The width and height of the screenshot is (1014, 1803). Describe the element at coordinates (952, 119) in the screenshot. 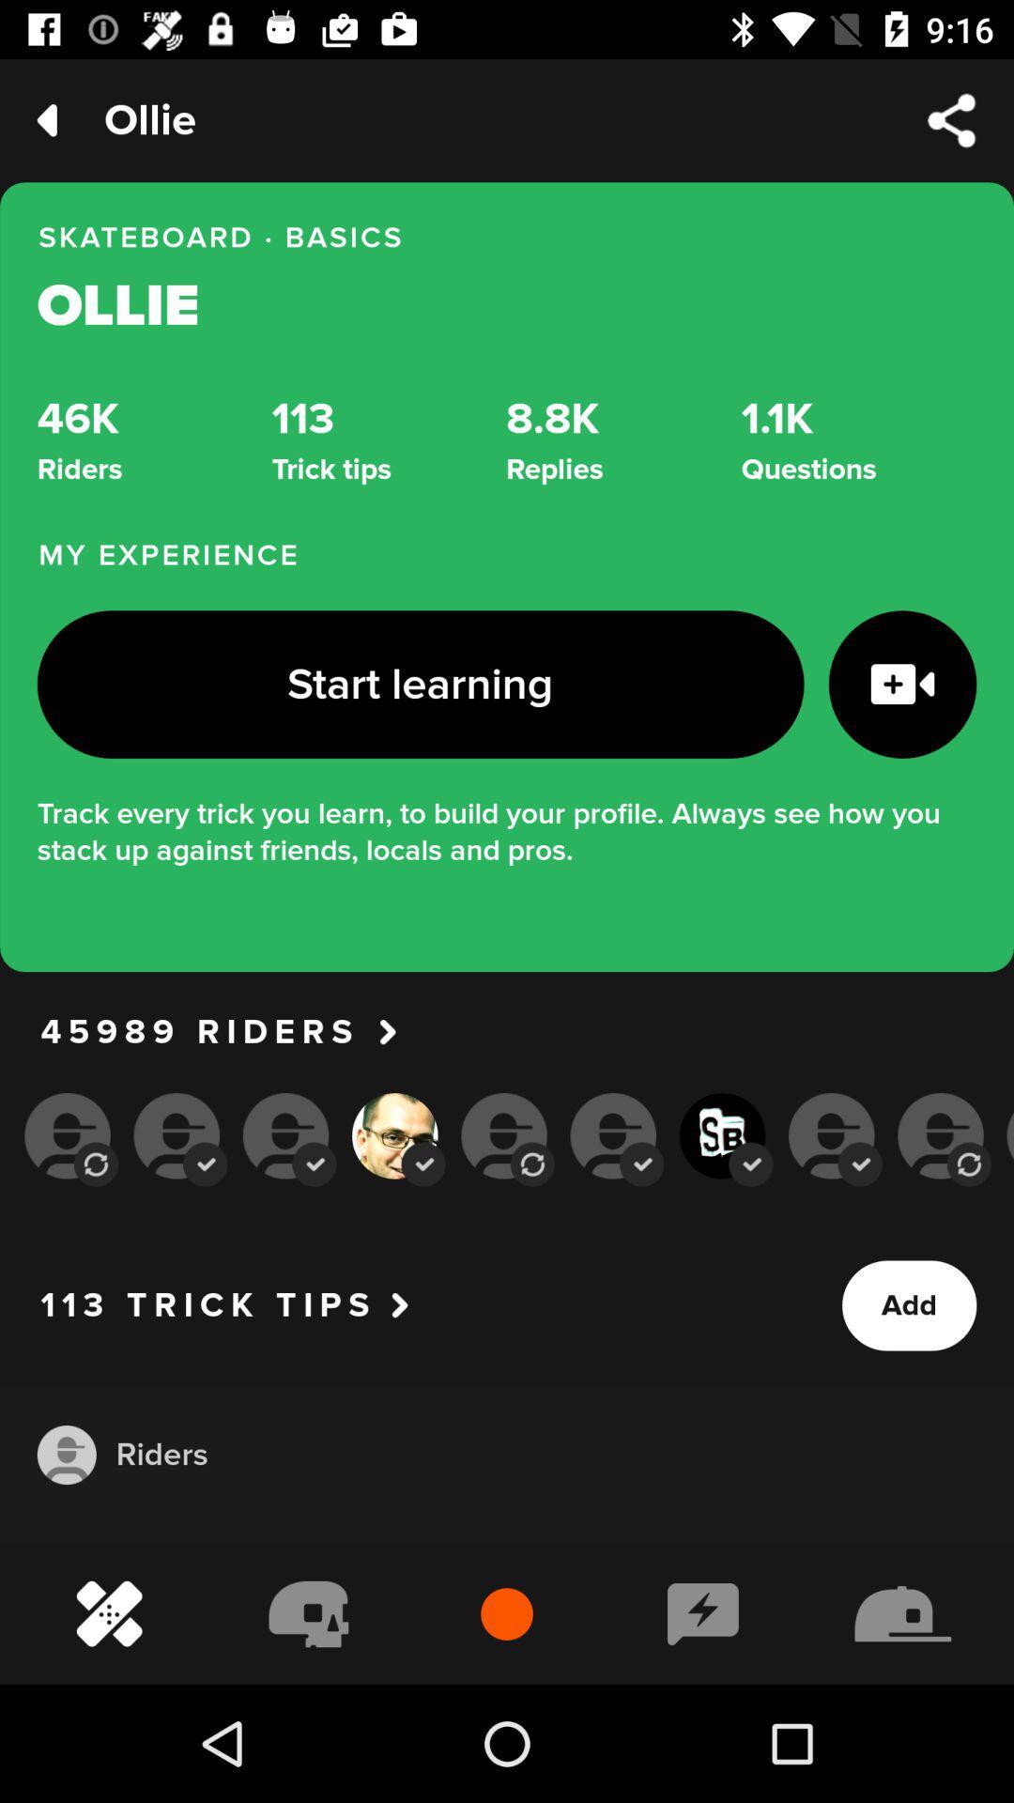

I see `the share icon` at that location.